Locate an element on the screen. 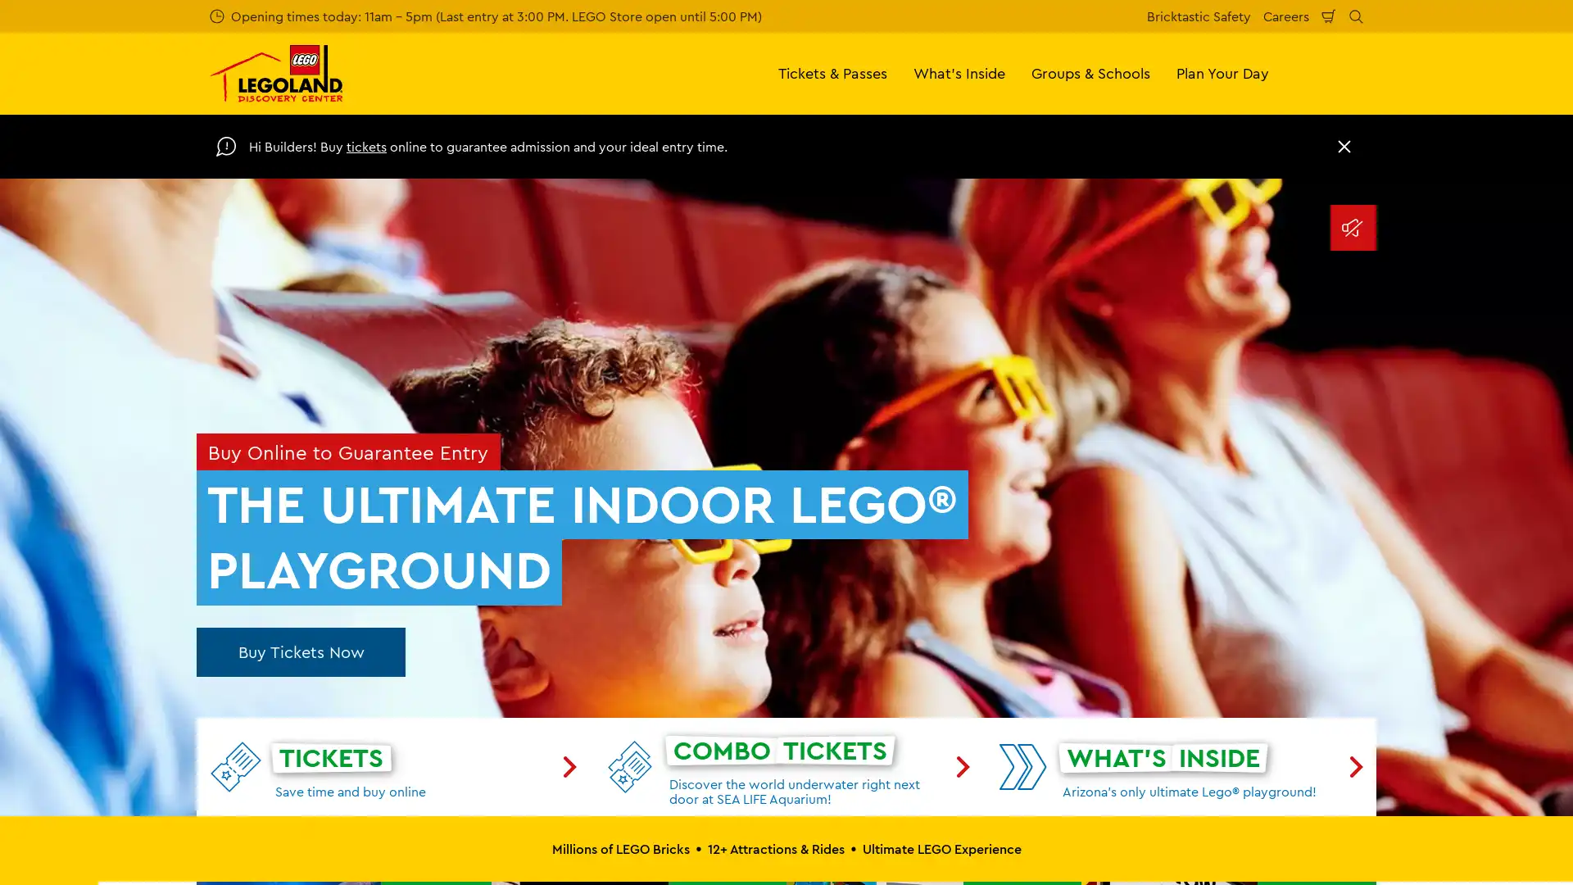 This screenshot has height=885, width=1573. Tickets & Passes is located at coordinates (832, 72).